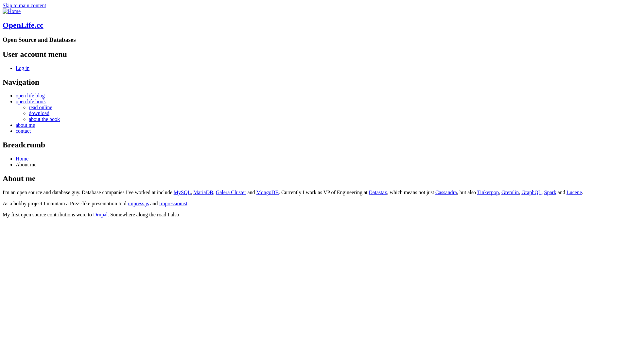 The image size is (628, 353). Describe the element at coordinates (11, 11) in the screenshot. I see `'Home'` at that location.